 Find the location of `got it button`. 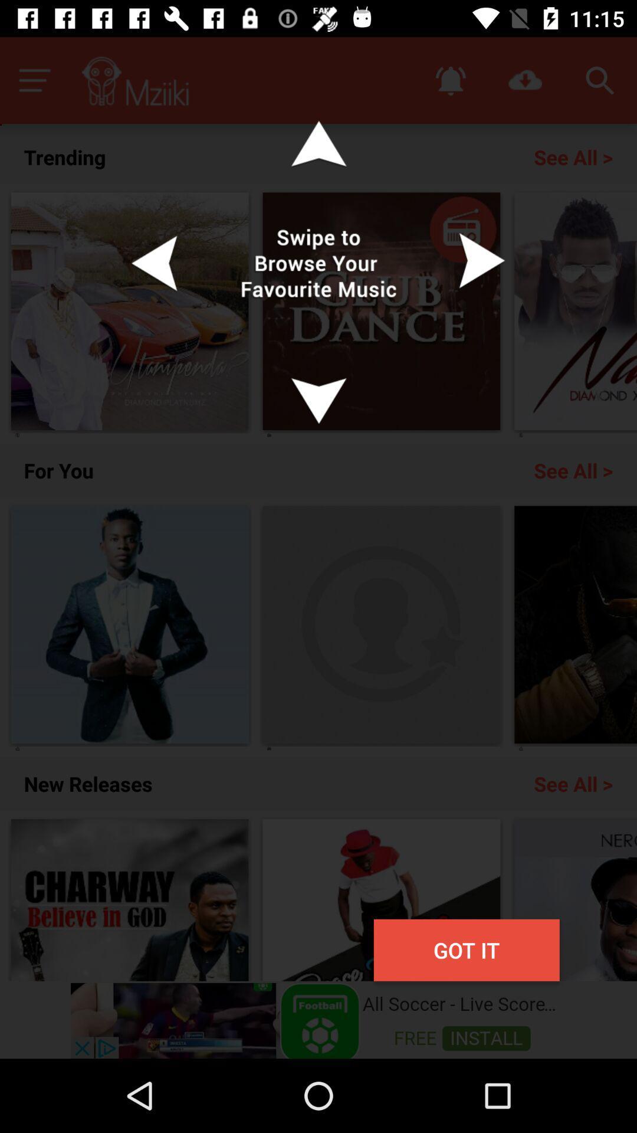

got it button is located at coordinates (466, 950).